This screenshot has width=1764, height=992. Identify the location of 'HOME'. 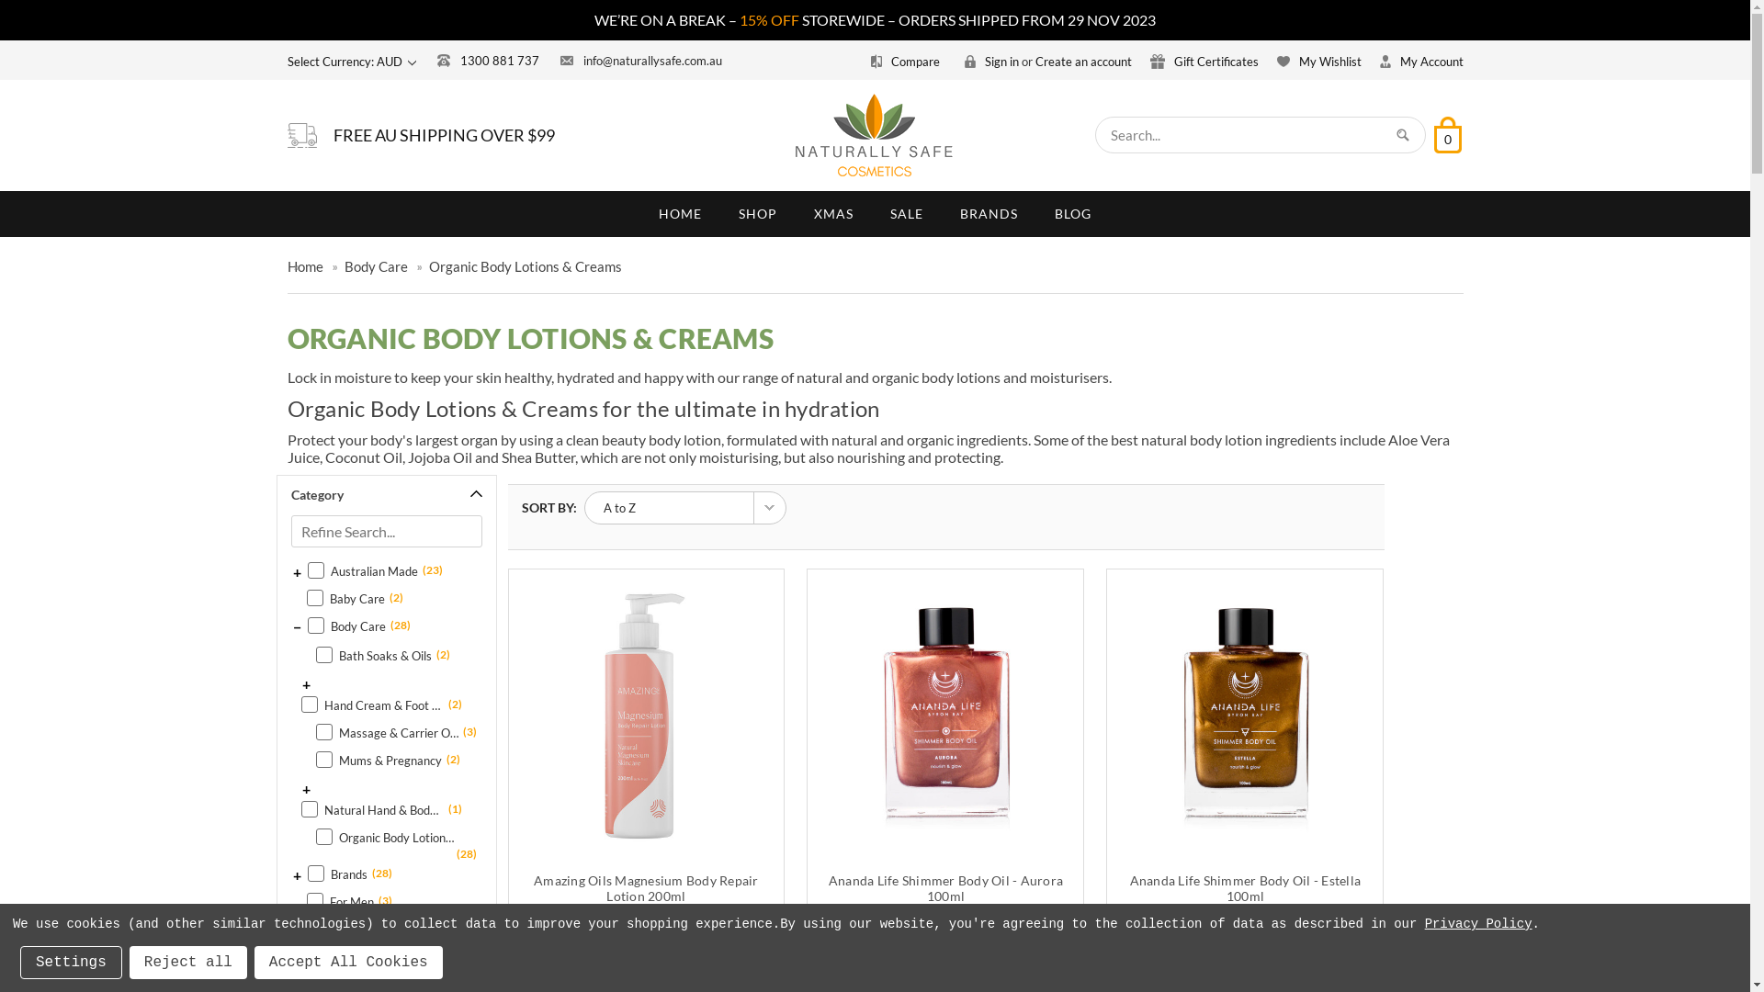
(639, 212).